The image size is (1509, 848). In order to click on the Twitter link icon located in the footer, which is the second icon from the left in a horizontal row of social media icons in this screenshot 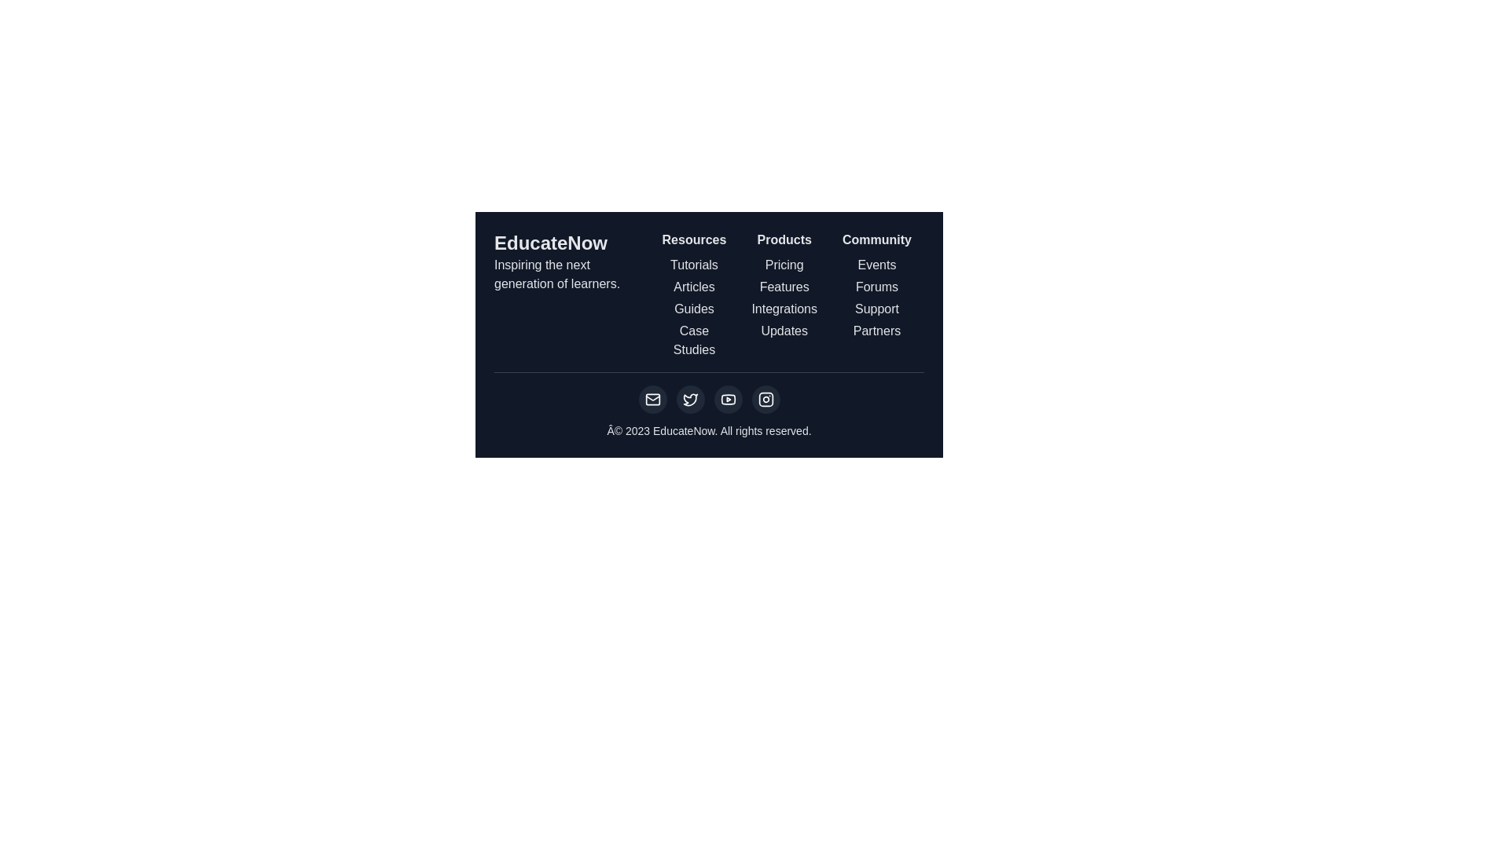, I will do `click(690, 399)`.